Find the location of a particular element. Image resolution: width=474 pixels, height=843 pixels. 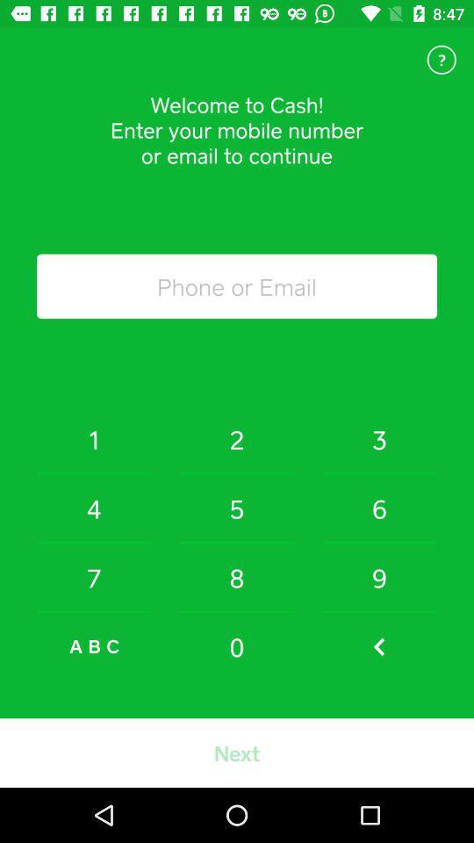

email enter option is located at coordinates (237, 286).